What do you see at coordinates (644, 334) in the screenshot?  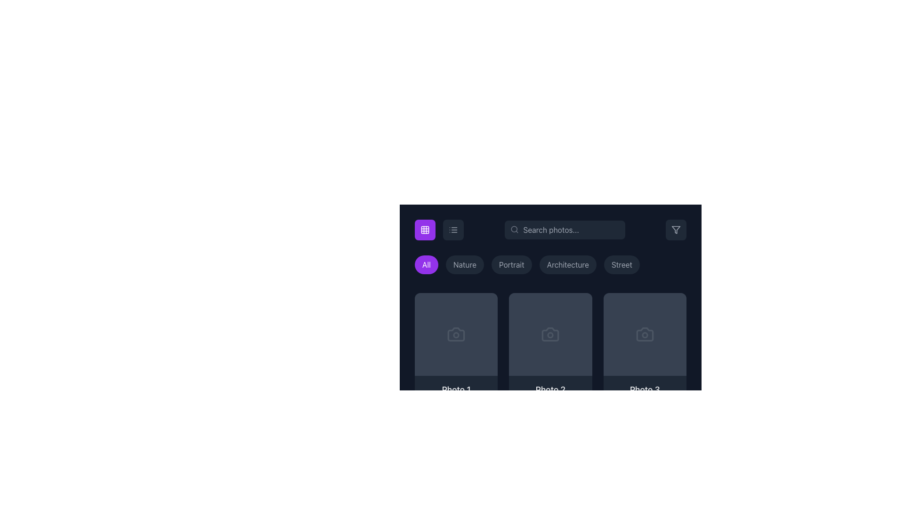 I see `the state of the small filled circular shape located in the center of the camera icon within the third grid item of the second row` at bounding box center [644, 334].